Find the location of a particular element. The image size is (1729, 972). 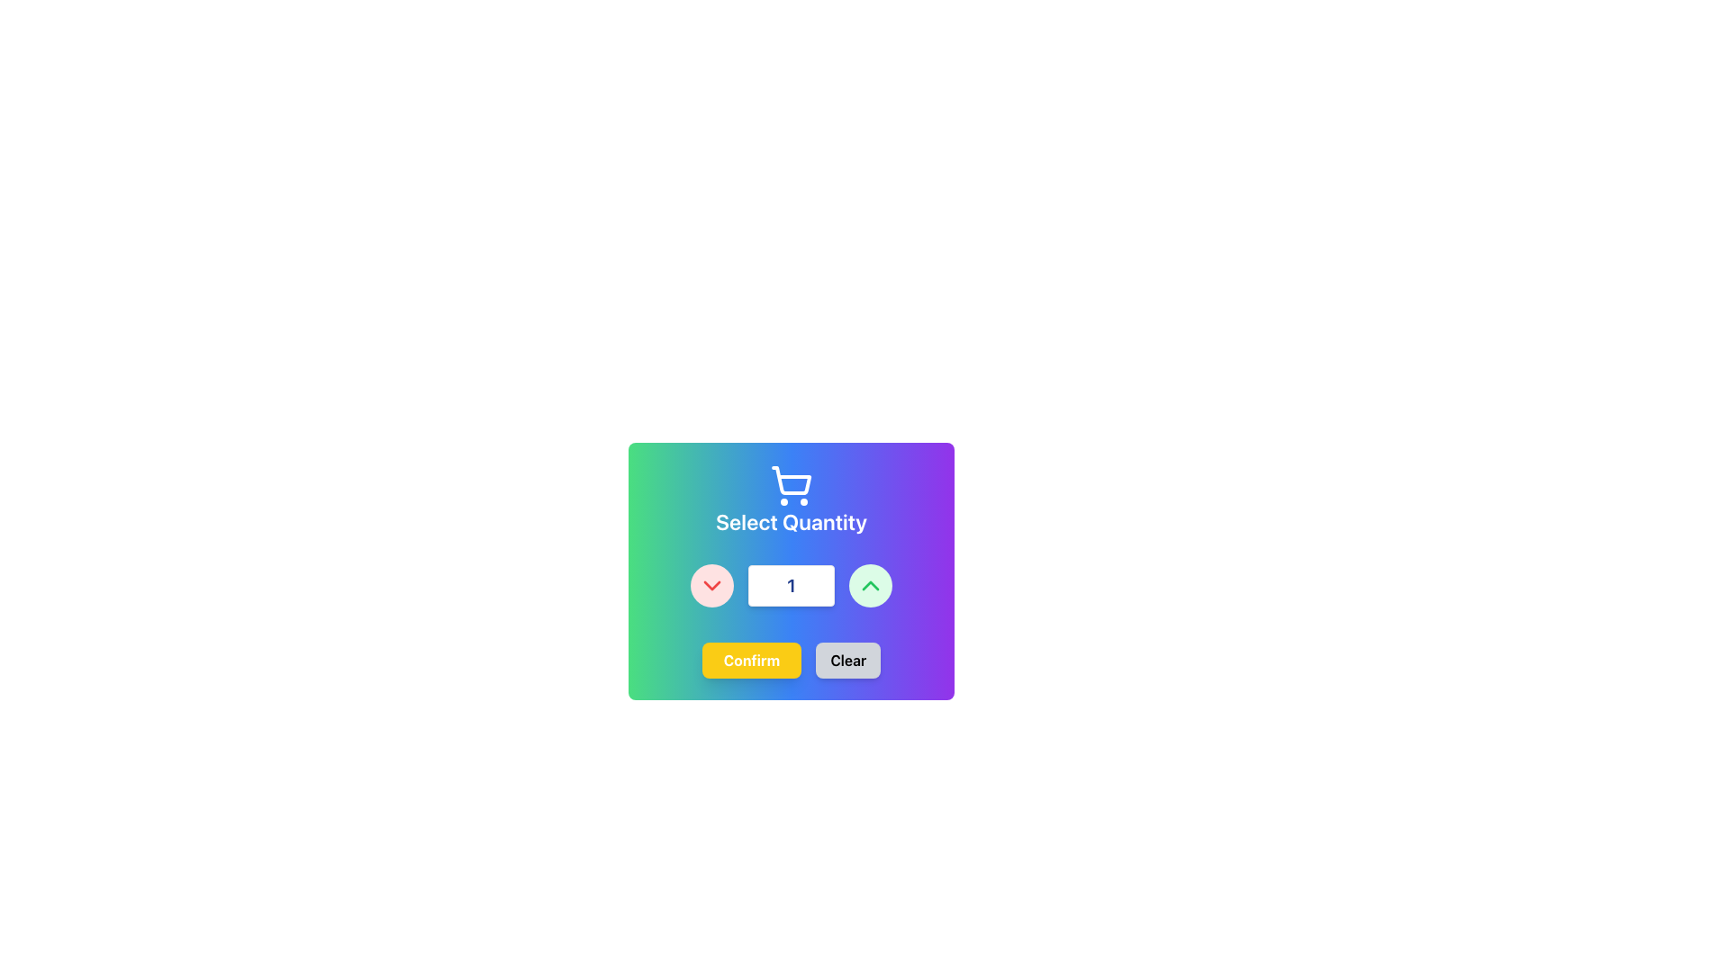

the 'Clear' button is located at coordinates (847, 660).